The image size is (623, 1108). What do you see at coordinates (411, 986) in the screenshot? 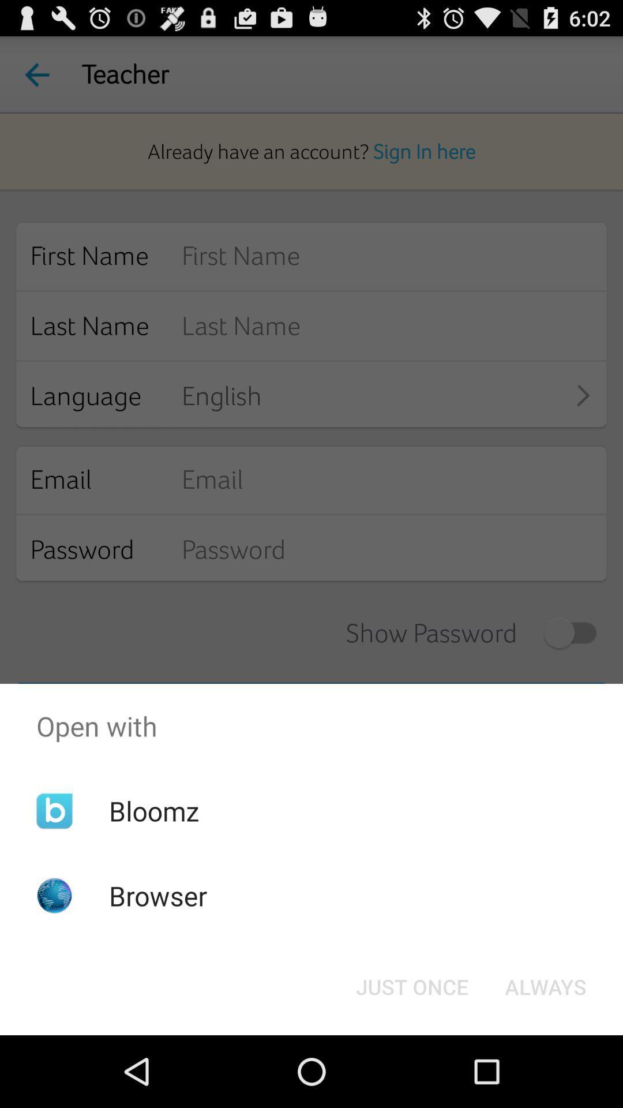
I see `the item below open with icon` at bounding box center [411, 986].